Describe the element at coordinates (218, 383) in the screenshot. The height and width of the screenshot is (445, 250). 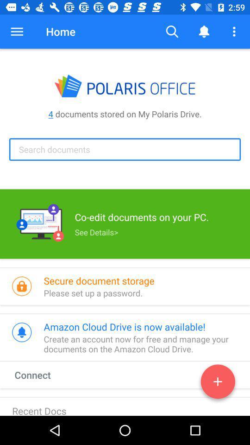
I see `the item next to connect icon` at that location.